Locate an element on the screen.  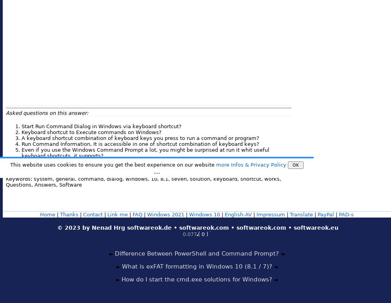
'Keywords:' is located at coordinates (19, 179).